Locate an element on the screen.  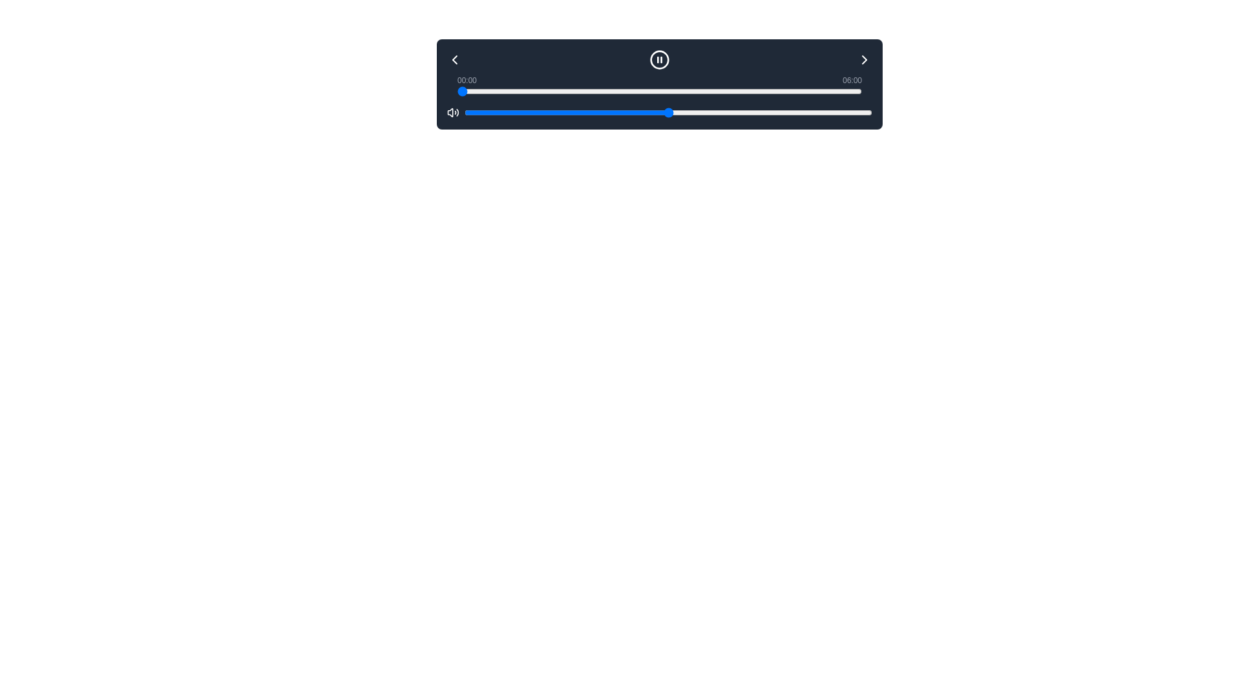
the slider is located at coordinates (827, 111).